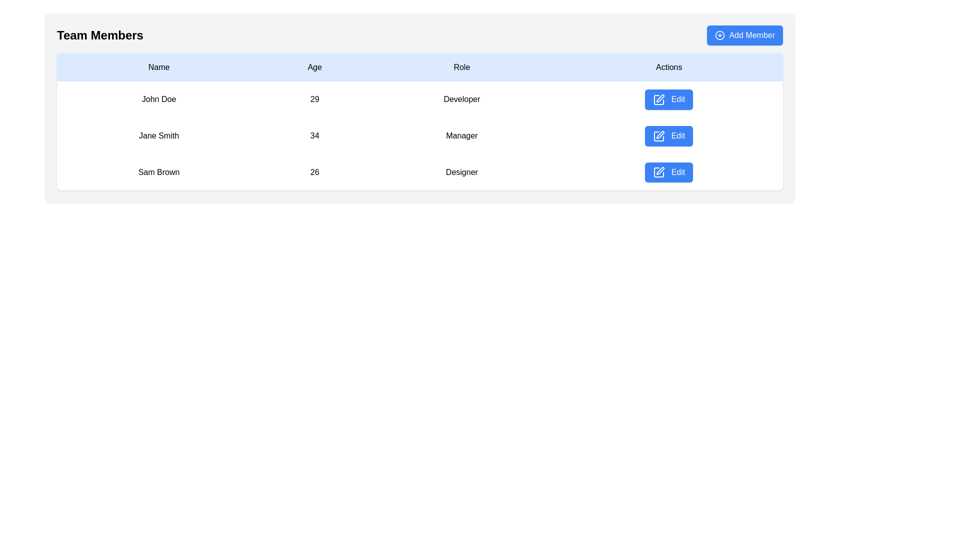 The width and height of the screenshot is (960, 540). I want to click on the first 'Edit' button in the 'Actions' column of the table for 'John Doe', so click(669, 99).